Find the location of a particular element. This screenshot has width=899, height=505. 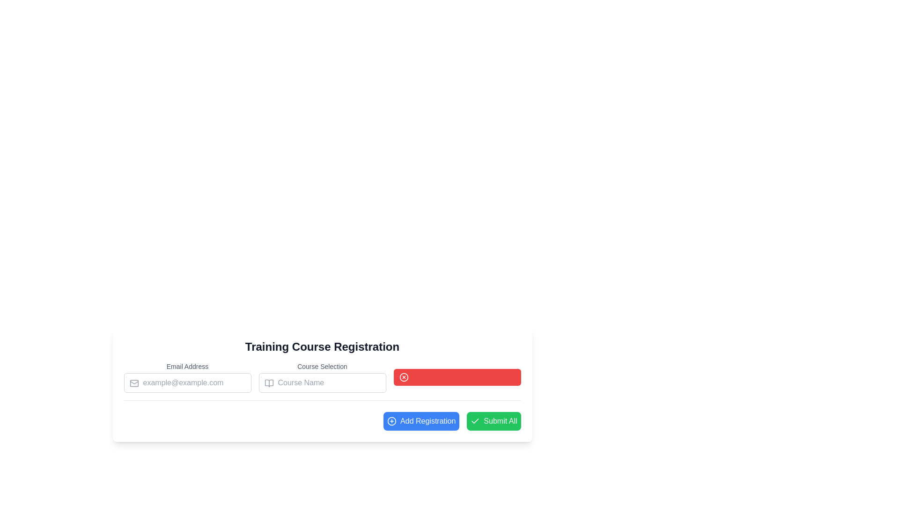

the 'Email Address' label that provides context for the email input field in the 'Training Course Registration' form is located at coordinates (187, 376).